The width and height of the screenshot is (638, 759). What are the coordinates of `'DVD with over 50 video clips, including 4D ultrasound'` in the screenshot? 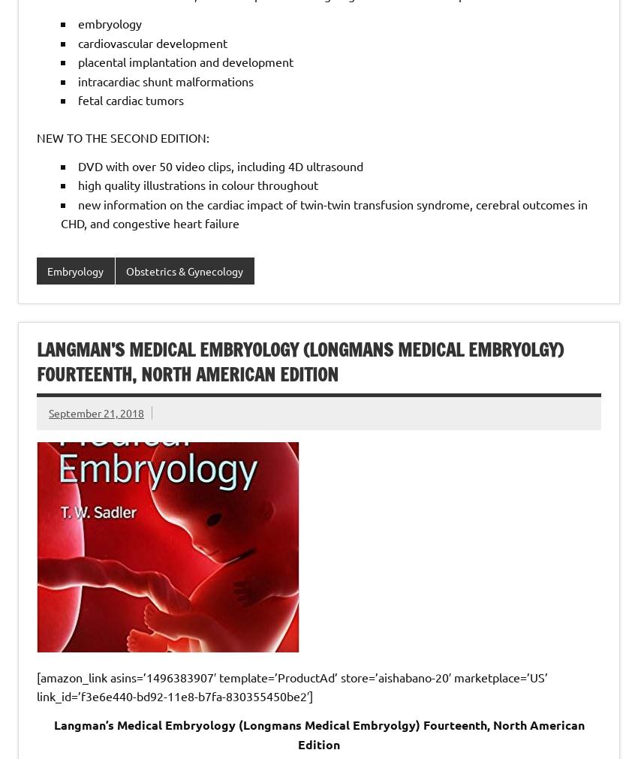 It's located at (220, 164).